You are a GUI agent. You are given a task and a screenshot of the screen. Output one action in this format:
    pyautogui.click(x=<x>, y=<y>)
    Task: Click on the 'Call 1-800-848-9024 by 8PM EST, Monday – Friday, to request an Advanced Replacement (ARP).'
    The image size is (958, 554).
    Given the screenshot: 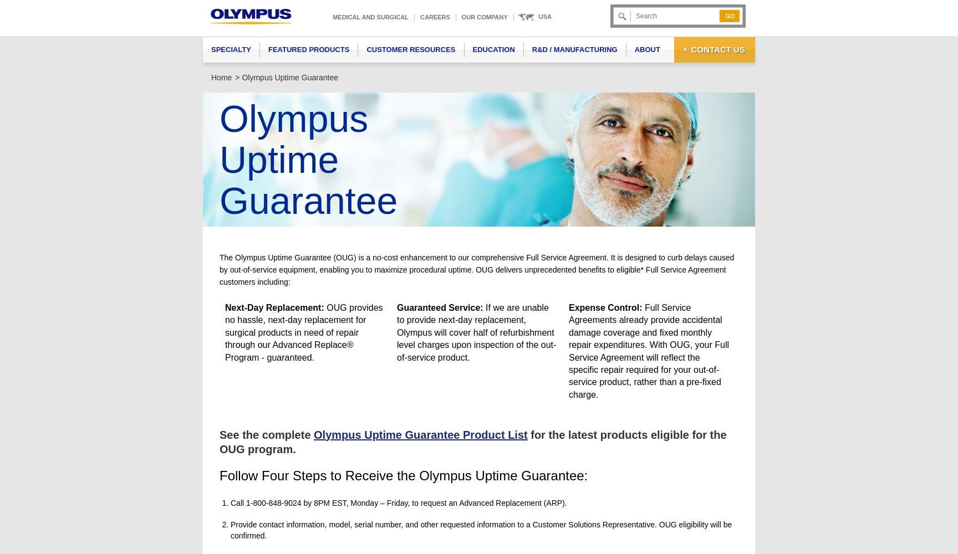 What is the action you would take?
    pyautogui.click(x=399, y=502)
    